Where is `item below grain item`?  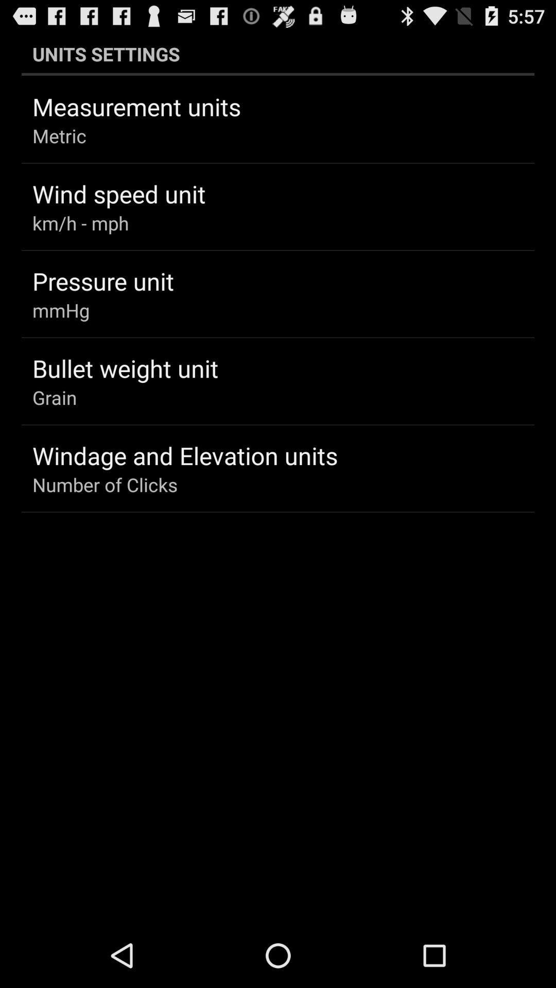 item below grain item is located at coordinates (184, 455).